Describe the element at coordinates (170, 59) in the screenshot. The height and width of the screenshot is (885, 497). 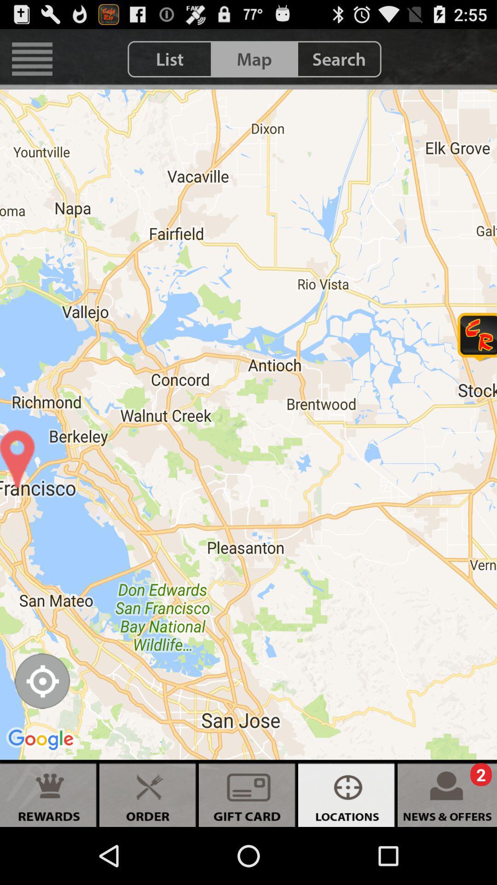
I see `item to the left of map` at that location.